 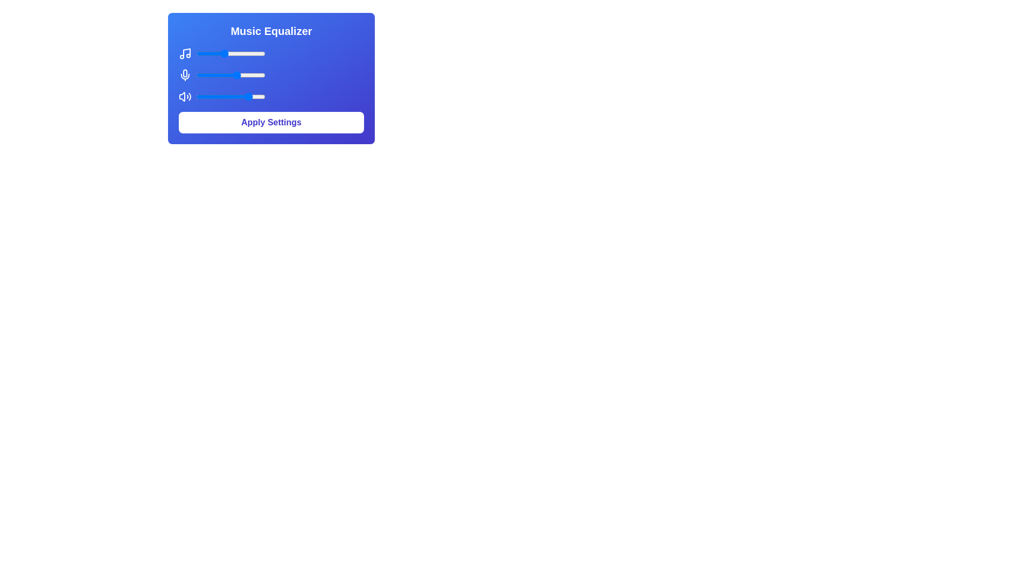 I want to click on the slider value, so click(x=255, y=97).